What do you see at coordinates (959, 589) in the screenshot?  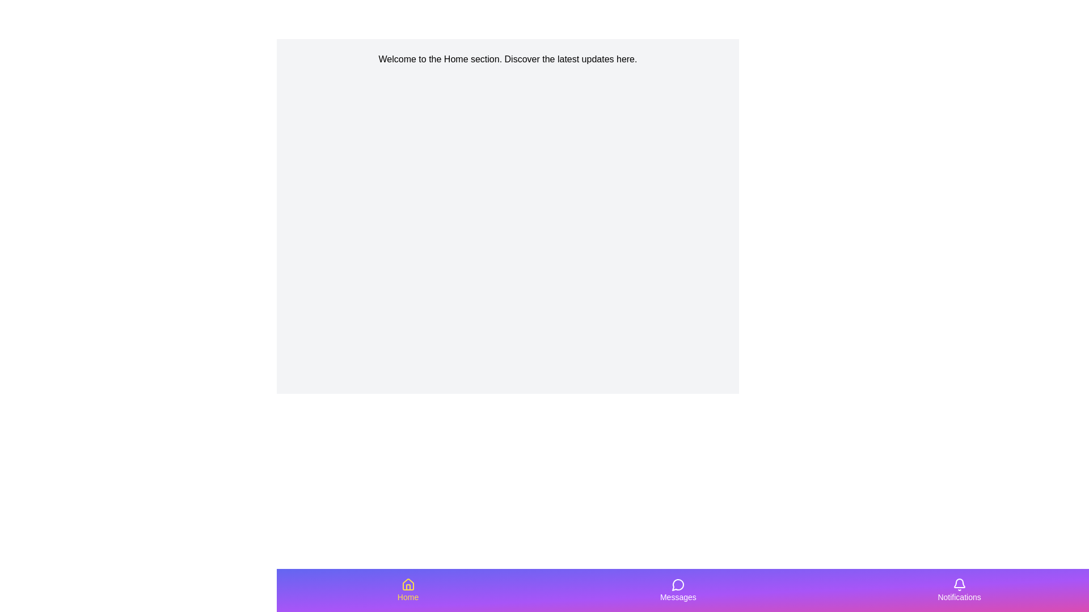 I see `the 'Notifications' button located in the bottom navigation bar, which is the third item from the left` at bounding box center [959, 589].